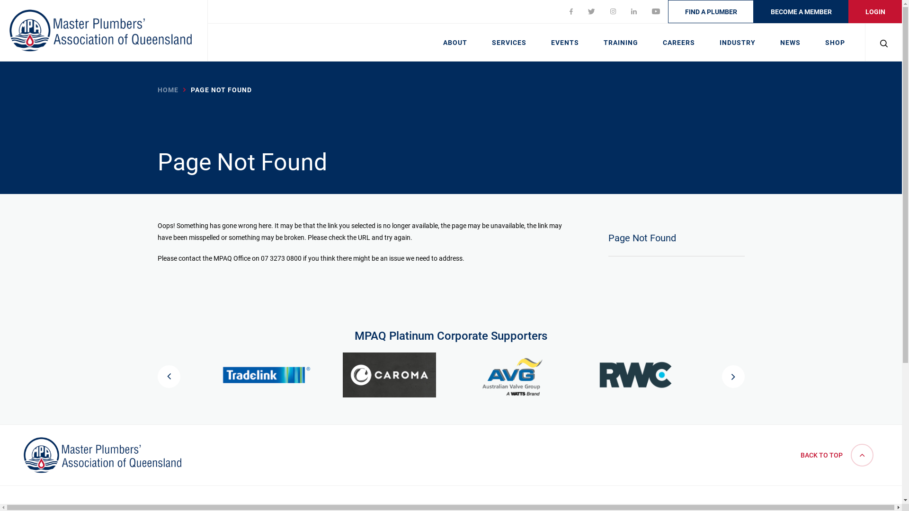 The height and width of the screenshot is (511, 909). What do you see at coordinates (590, 41) in the screenshot?
I see `'TRAINING'` at bounding box center [590, 41].